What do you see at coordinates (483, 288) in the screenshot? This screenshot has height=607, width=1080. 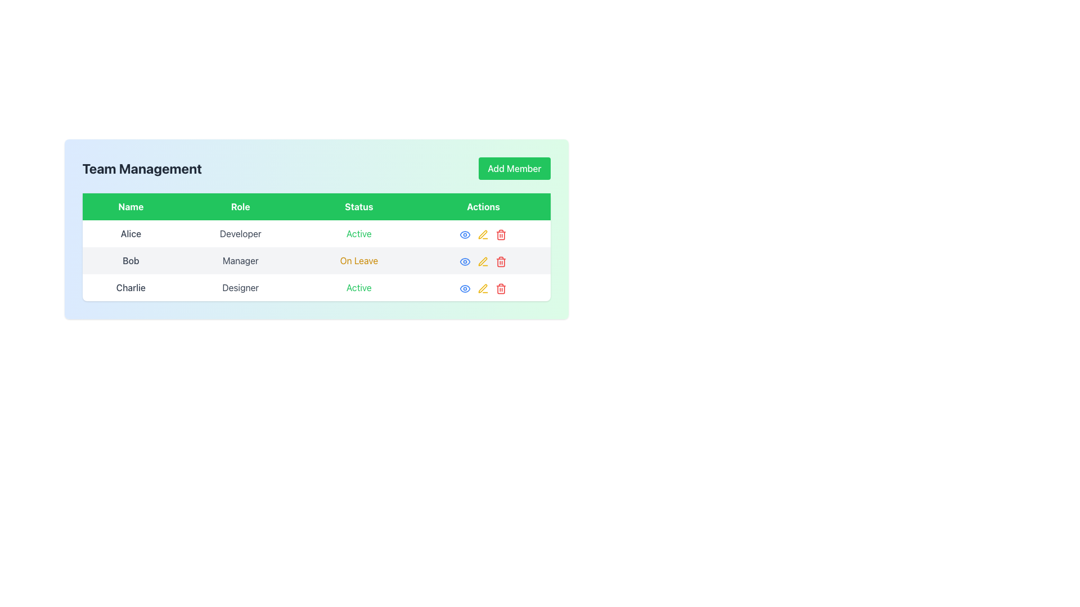 I see `the edit icon in the Actions column for the user 'Charlie'` at bounding box center [483, 288].